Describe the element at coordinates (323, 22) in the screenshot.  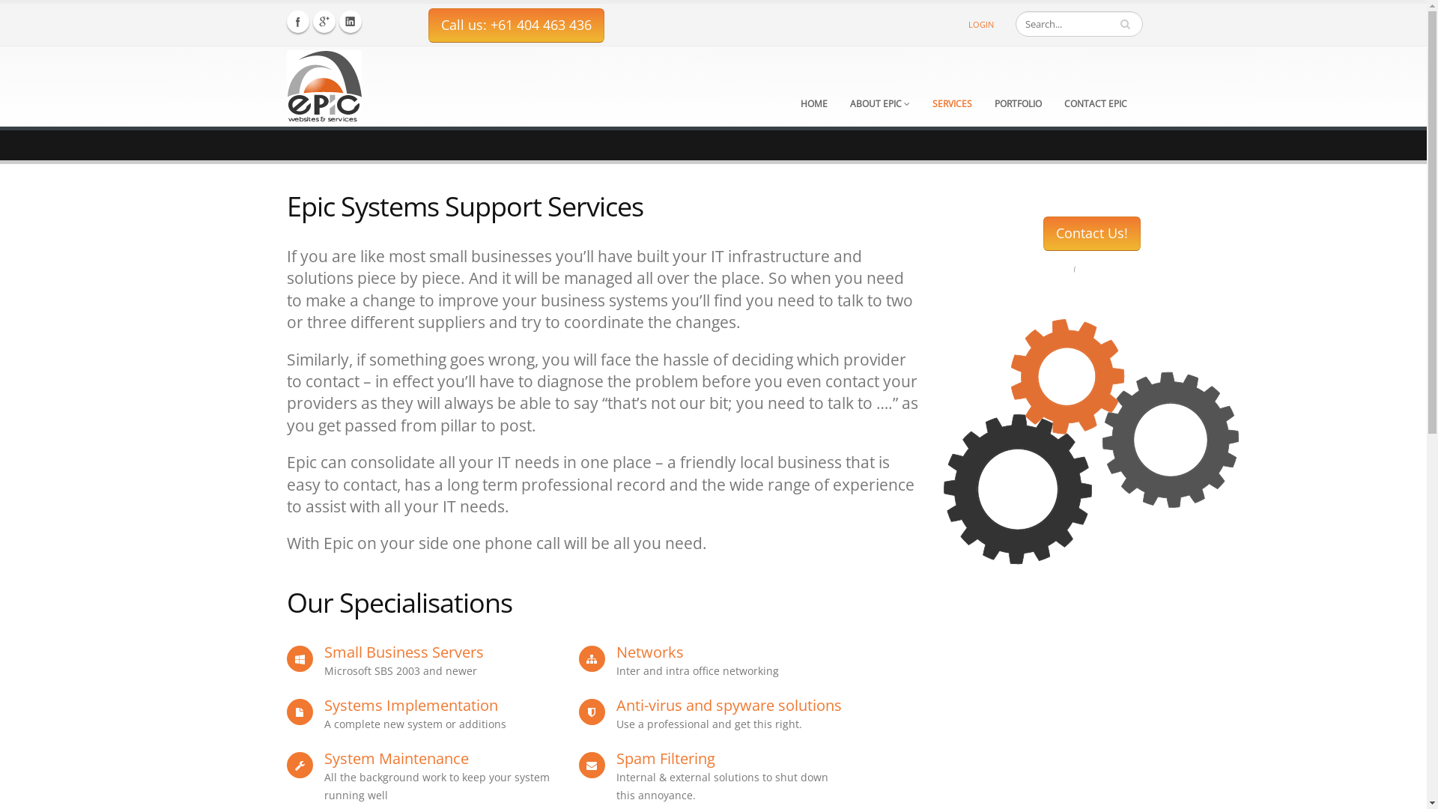
I see `'Twitter'` at that location.